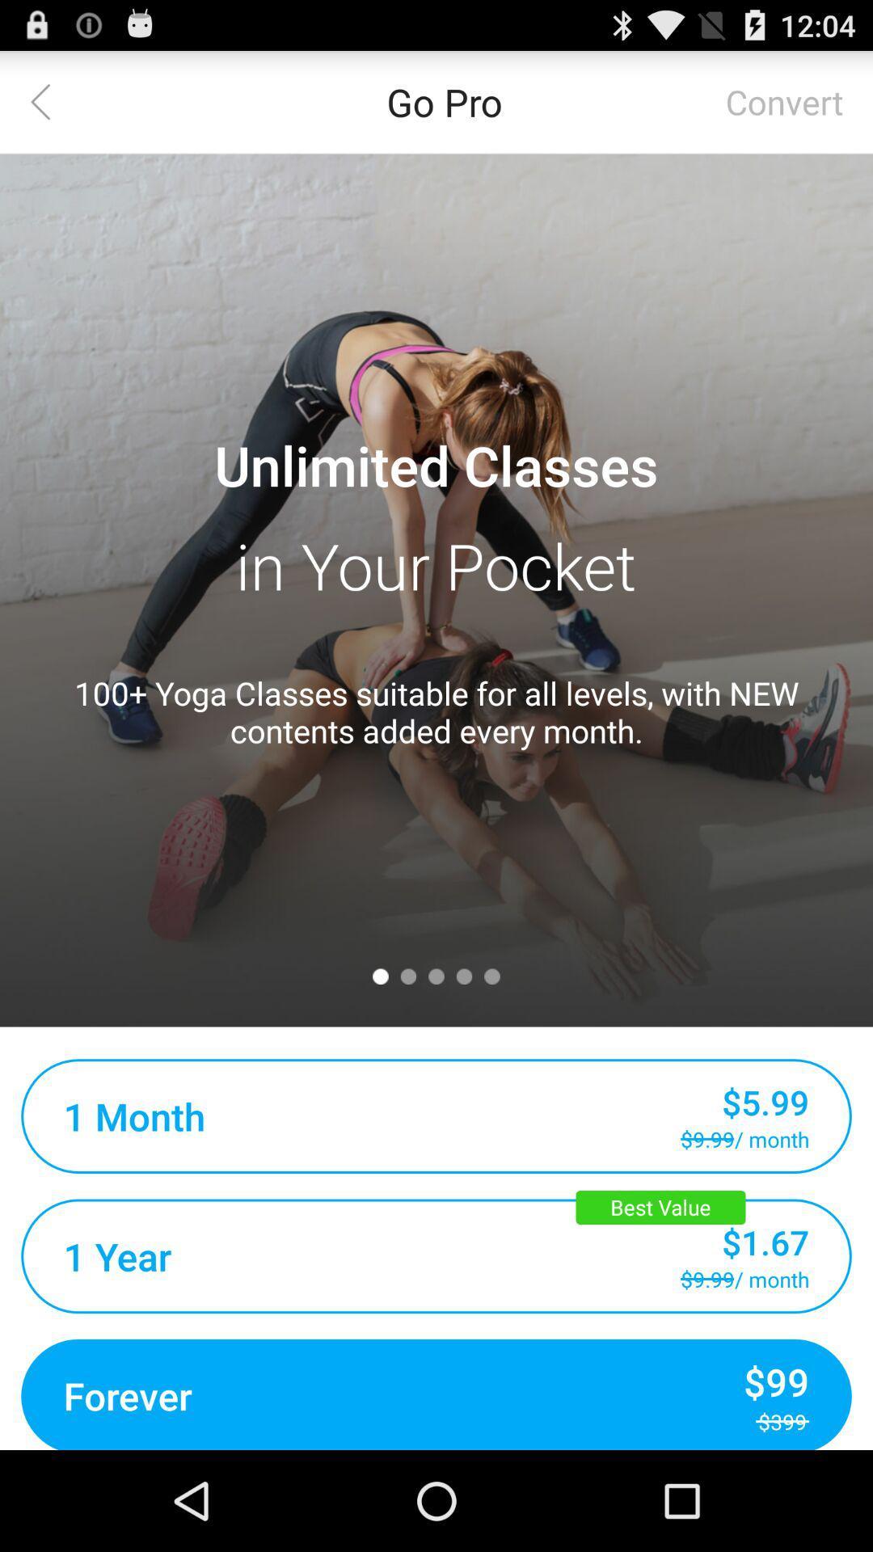  Describe the element at coordinates (783, 100) in the screenshot. I see `item next to the go pro item` at that location.